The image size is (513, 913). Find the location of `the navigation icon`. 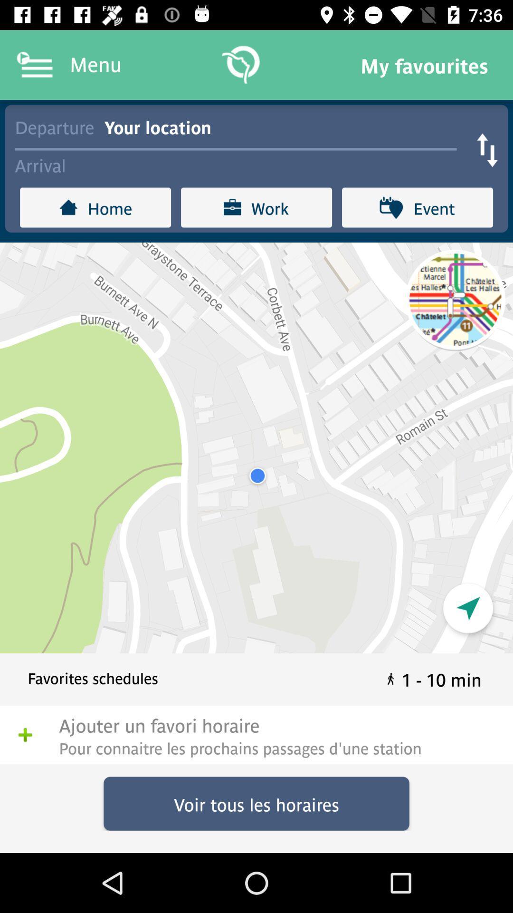

the navigation icon is located at coordinates (467, 608).